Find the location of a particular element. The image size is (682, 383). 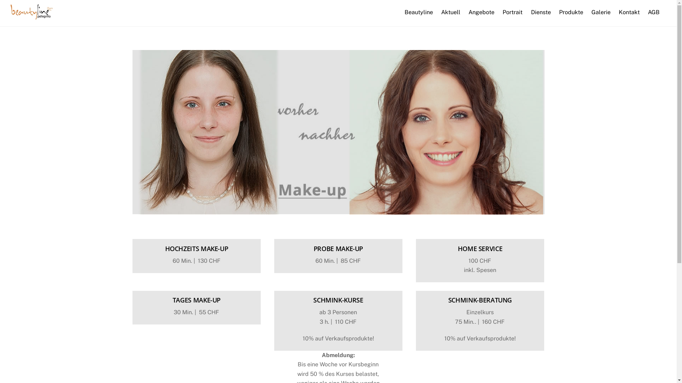

'Kontakt' is located at coordinates (629, 12).